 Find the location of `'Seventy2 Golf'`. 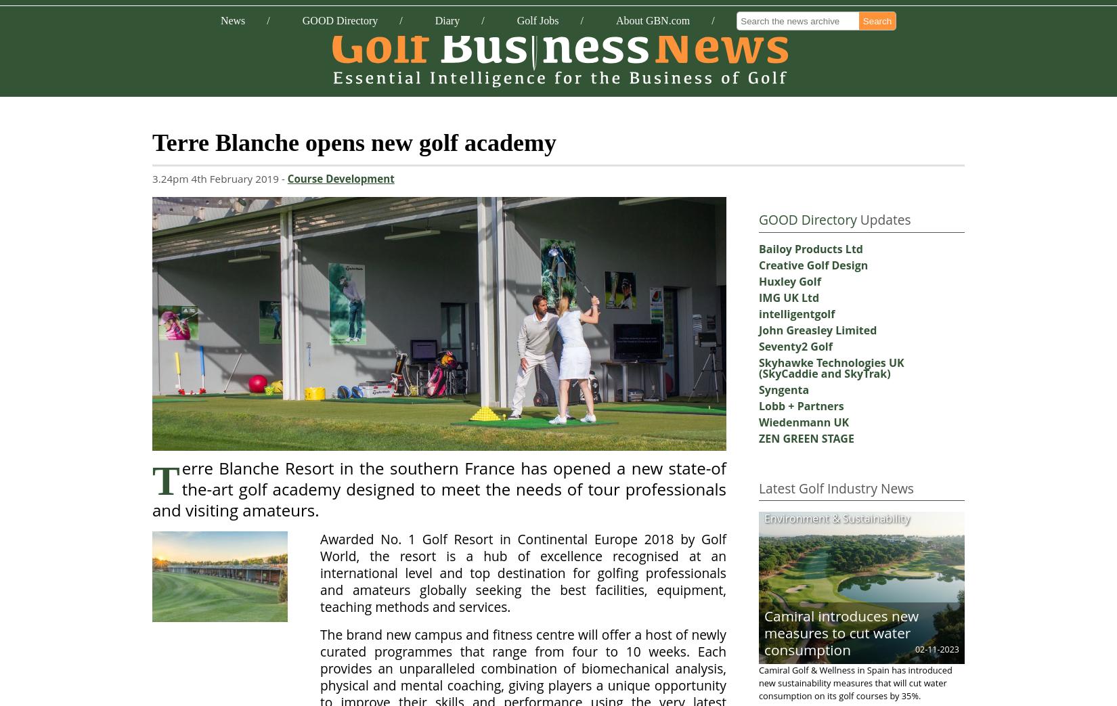

'Seventy2 Golf' is located at coordinates (795, 345).